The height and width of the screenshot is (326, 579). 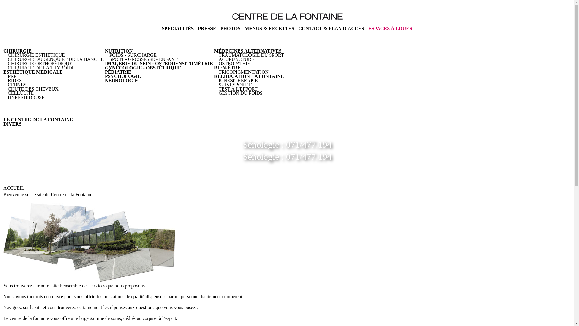 What do you see at coordinates (33, 89) in the screenshot?
I see `'CHUTE DES CHEVEUX'` at bounding box center [33, 89].